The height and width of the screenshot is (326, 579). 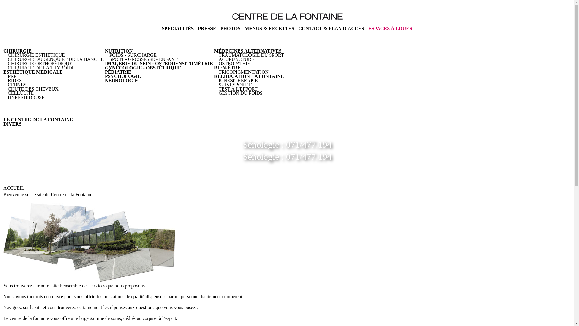 What do you see at coordinates (33, 89) in the screenshot?
I see `'CHUTE DES CHEVEUX'` at bounding box center [33, 89].